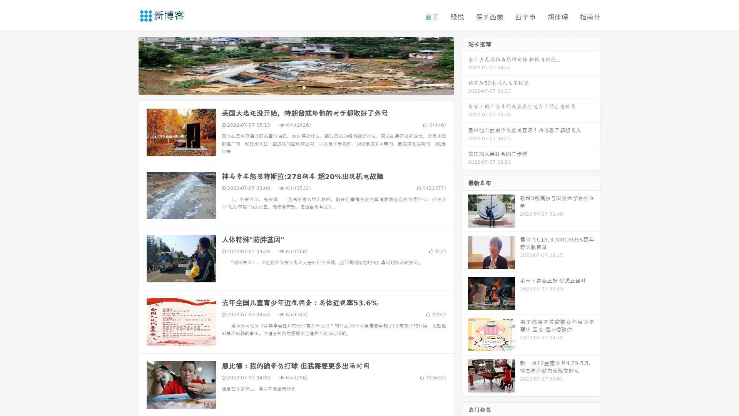 This screenshot has height=416, width=739. Describe the element at coordinates (465, 65) in the screenshot. I see `Next slide` at that location.